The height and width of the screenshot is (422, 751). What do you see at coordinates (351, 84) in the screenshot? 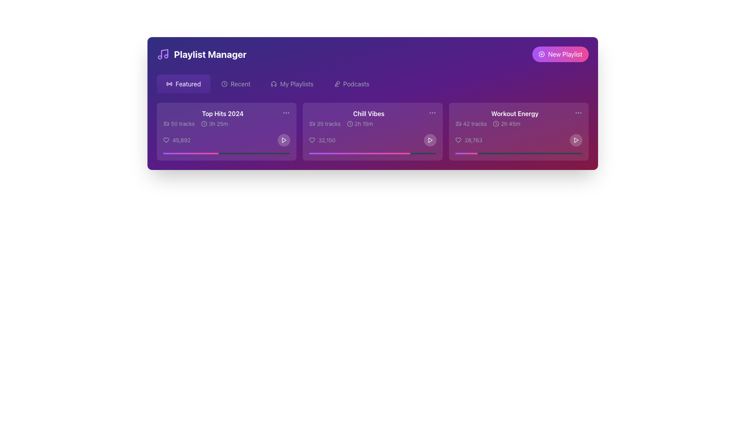
I see `keyboard navigation` at bounding box center [351, 84].